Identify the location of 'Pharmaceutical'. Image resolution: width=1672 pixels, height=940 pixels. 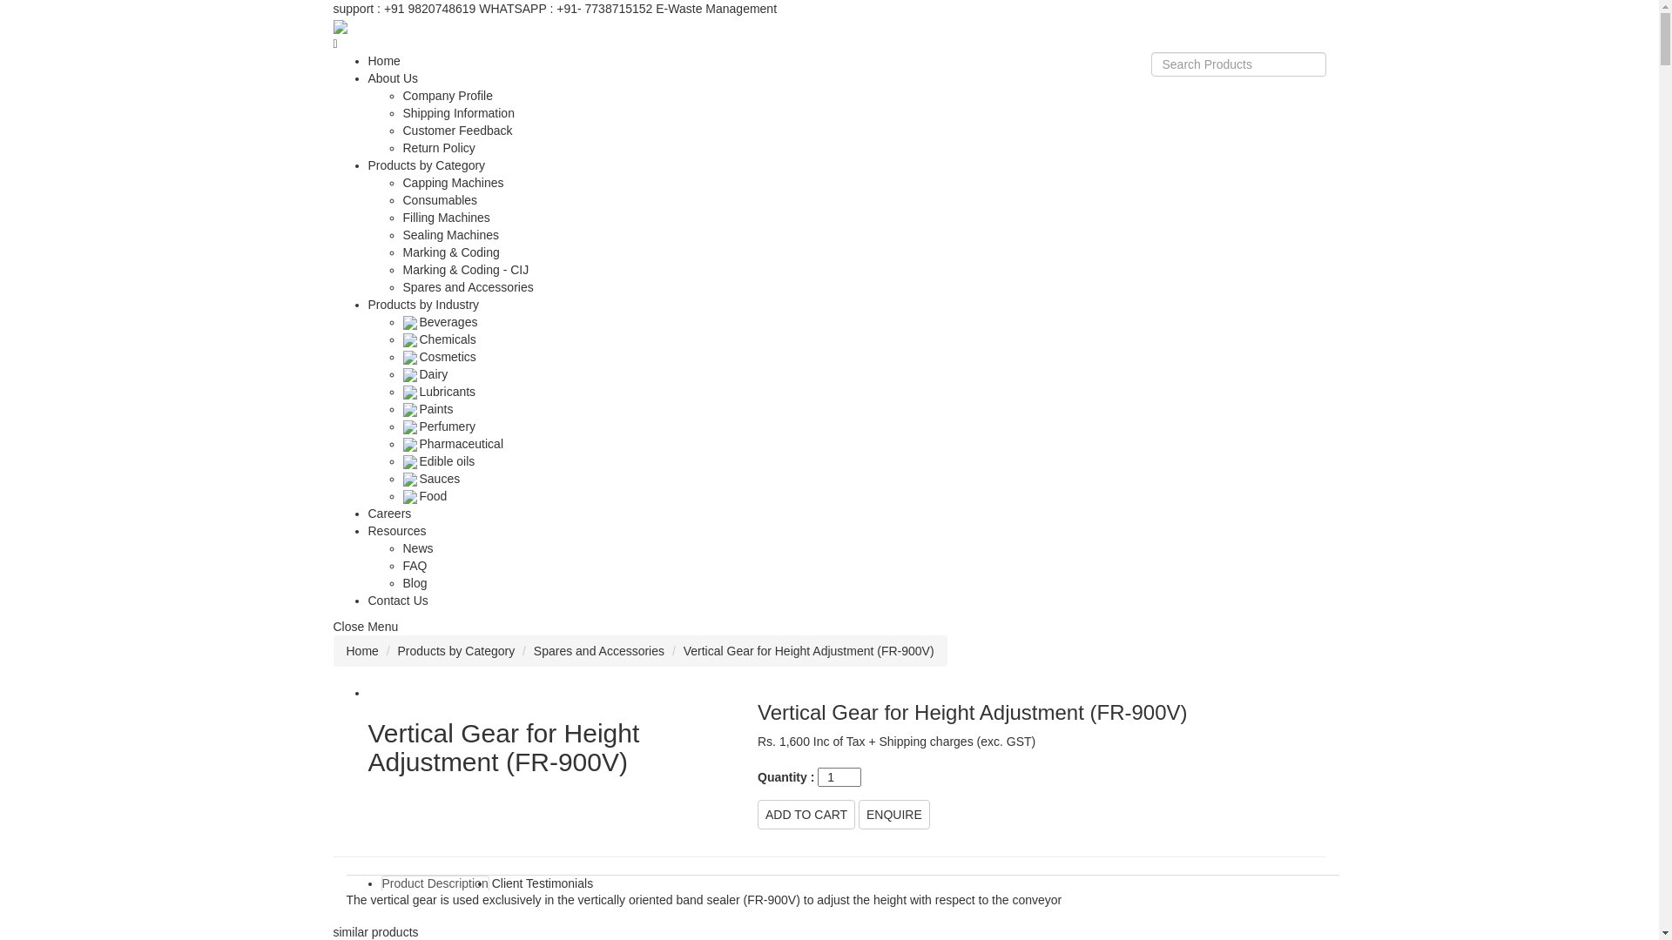
(452, 442).